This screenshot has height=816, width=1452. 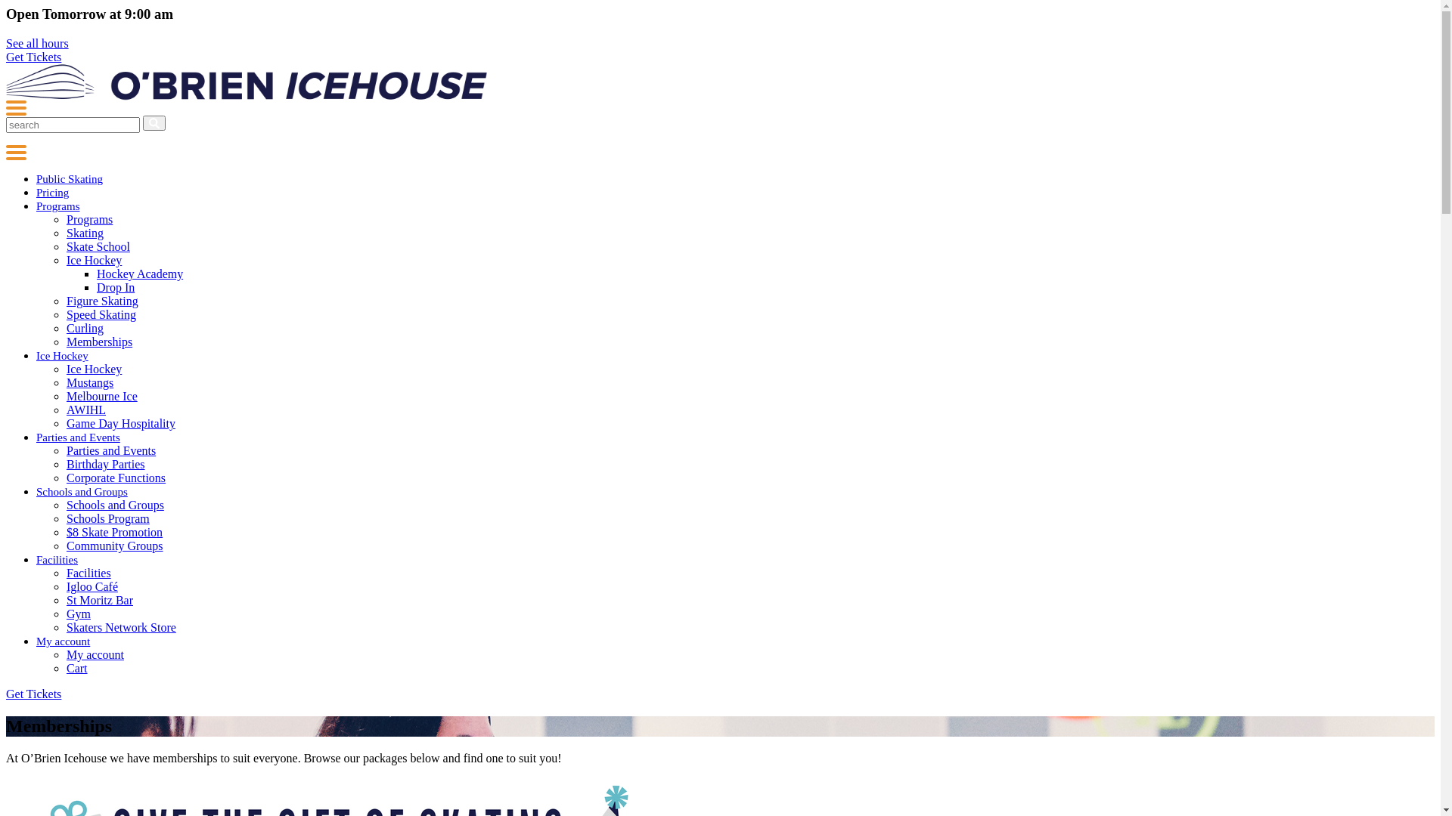 I want to click on 'Melbourne Ice', so click(x=65, y=395).